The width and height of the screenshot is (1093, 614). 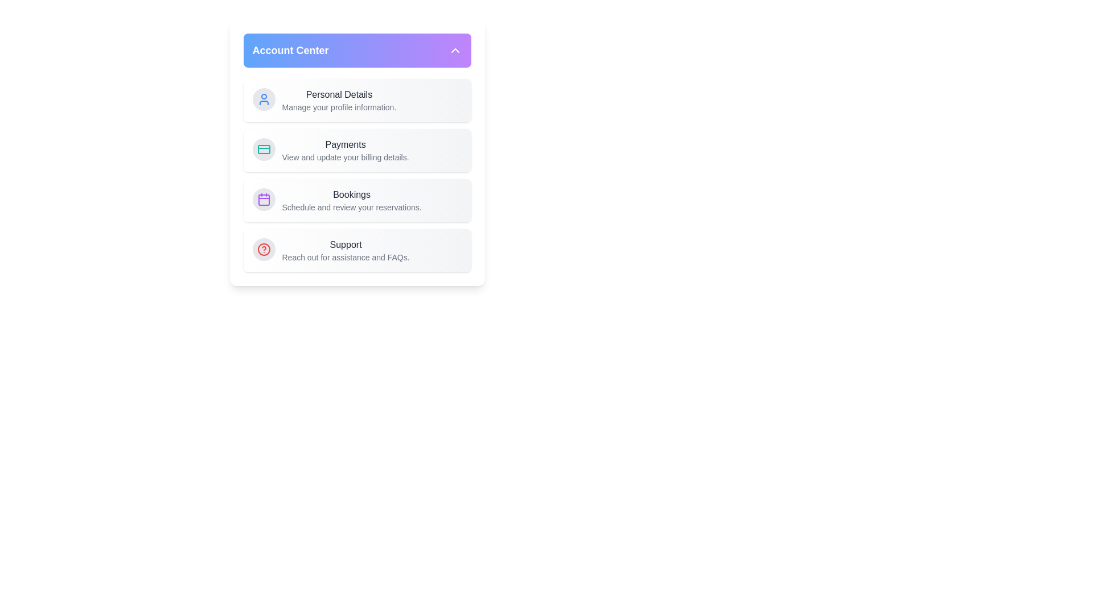 I want to click on the 'Support' menu item, so click(x=344, y=250).